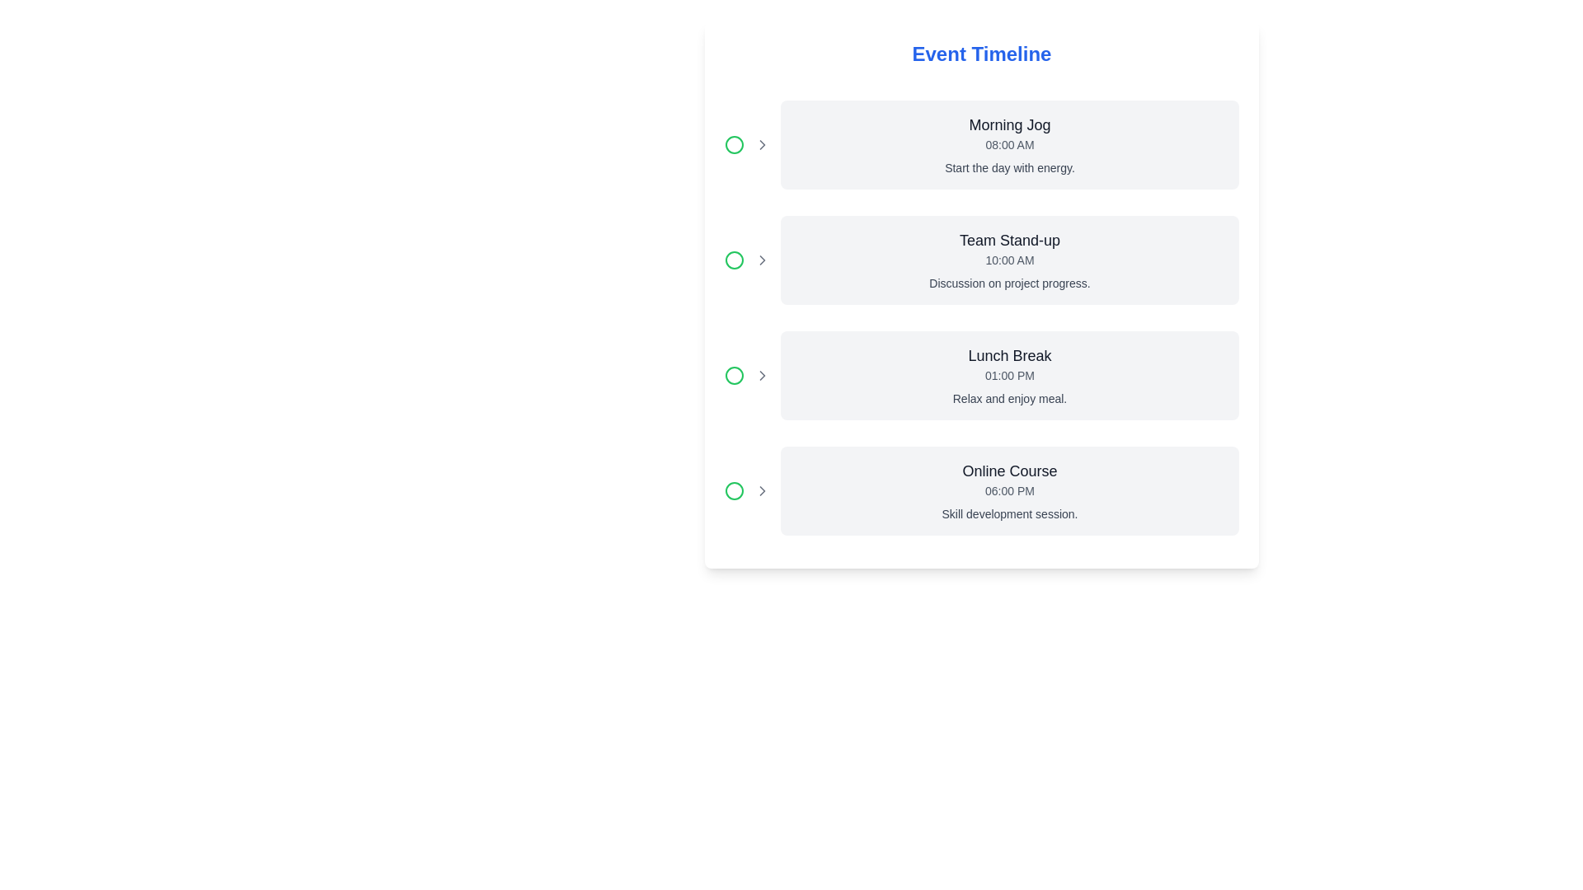 This screenshot has width=1583, height=890. What do you see at coordinates (734, 490) in the screenshot?
I see `the circular icon with a green border that precedes the label 'Online Course 06:00 PM Skill development session' in the fourth row of the event timeline` at bounding box center [734, 490].